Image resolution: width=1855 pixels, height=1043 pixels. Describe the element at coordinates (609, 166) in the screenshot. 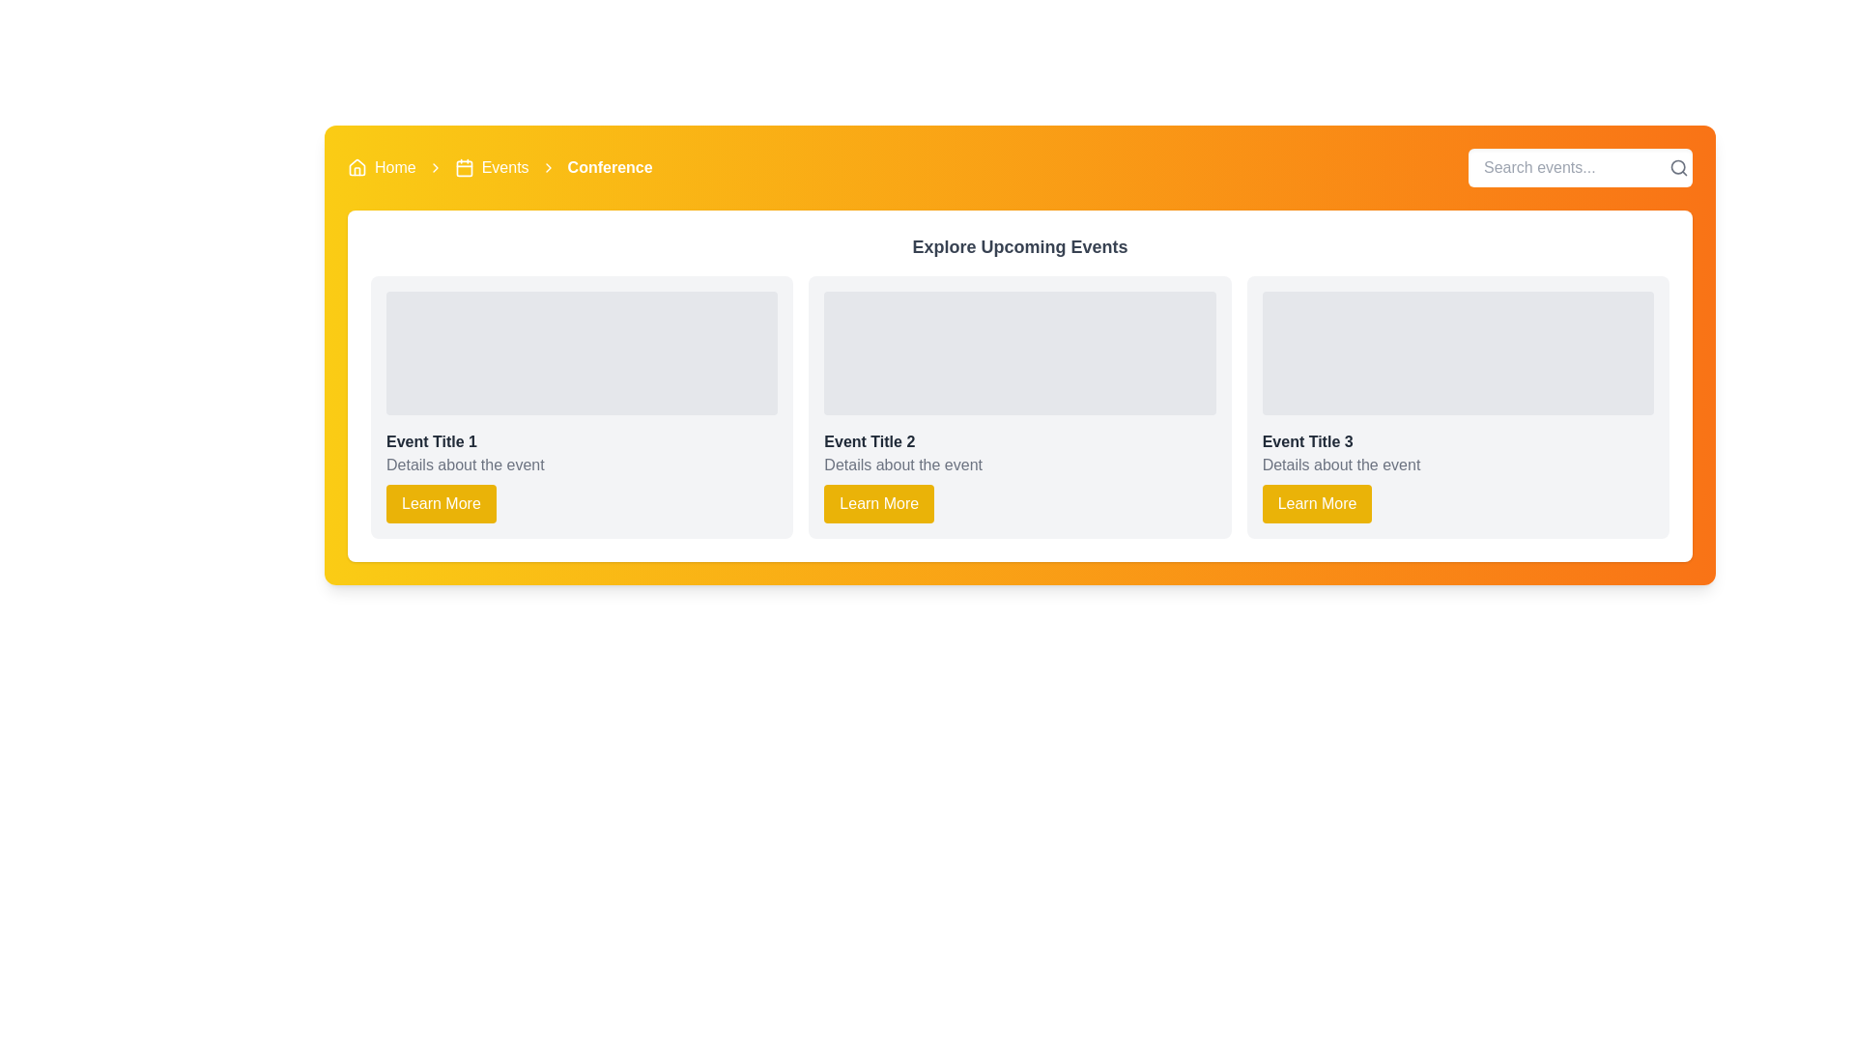

I see `text content of the Text Label that displays the current section or page title within the breadcrumb navigation bar, positioned as the third item after 'Home' and 'Events'` at that location.